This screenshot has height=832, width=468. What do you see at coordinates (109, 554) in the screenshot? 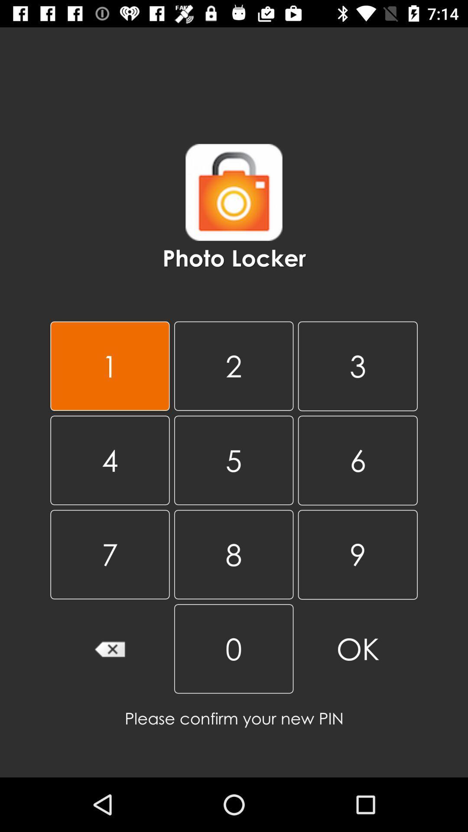
I see `the item below 4` at bounding box center [109, 554].